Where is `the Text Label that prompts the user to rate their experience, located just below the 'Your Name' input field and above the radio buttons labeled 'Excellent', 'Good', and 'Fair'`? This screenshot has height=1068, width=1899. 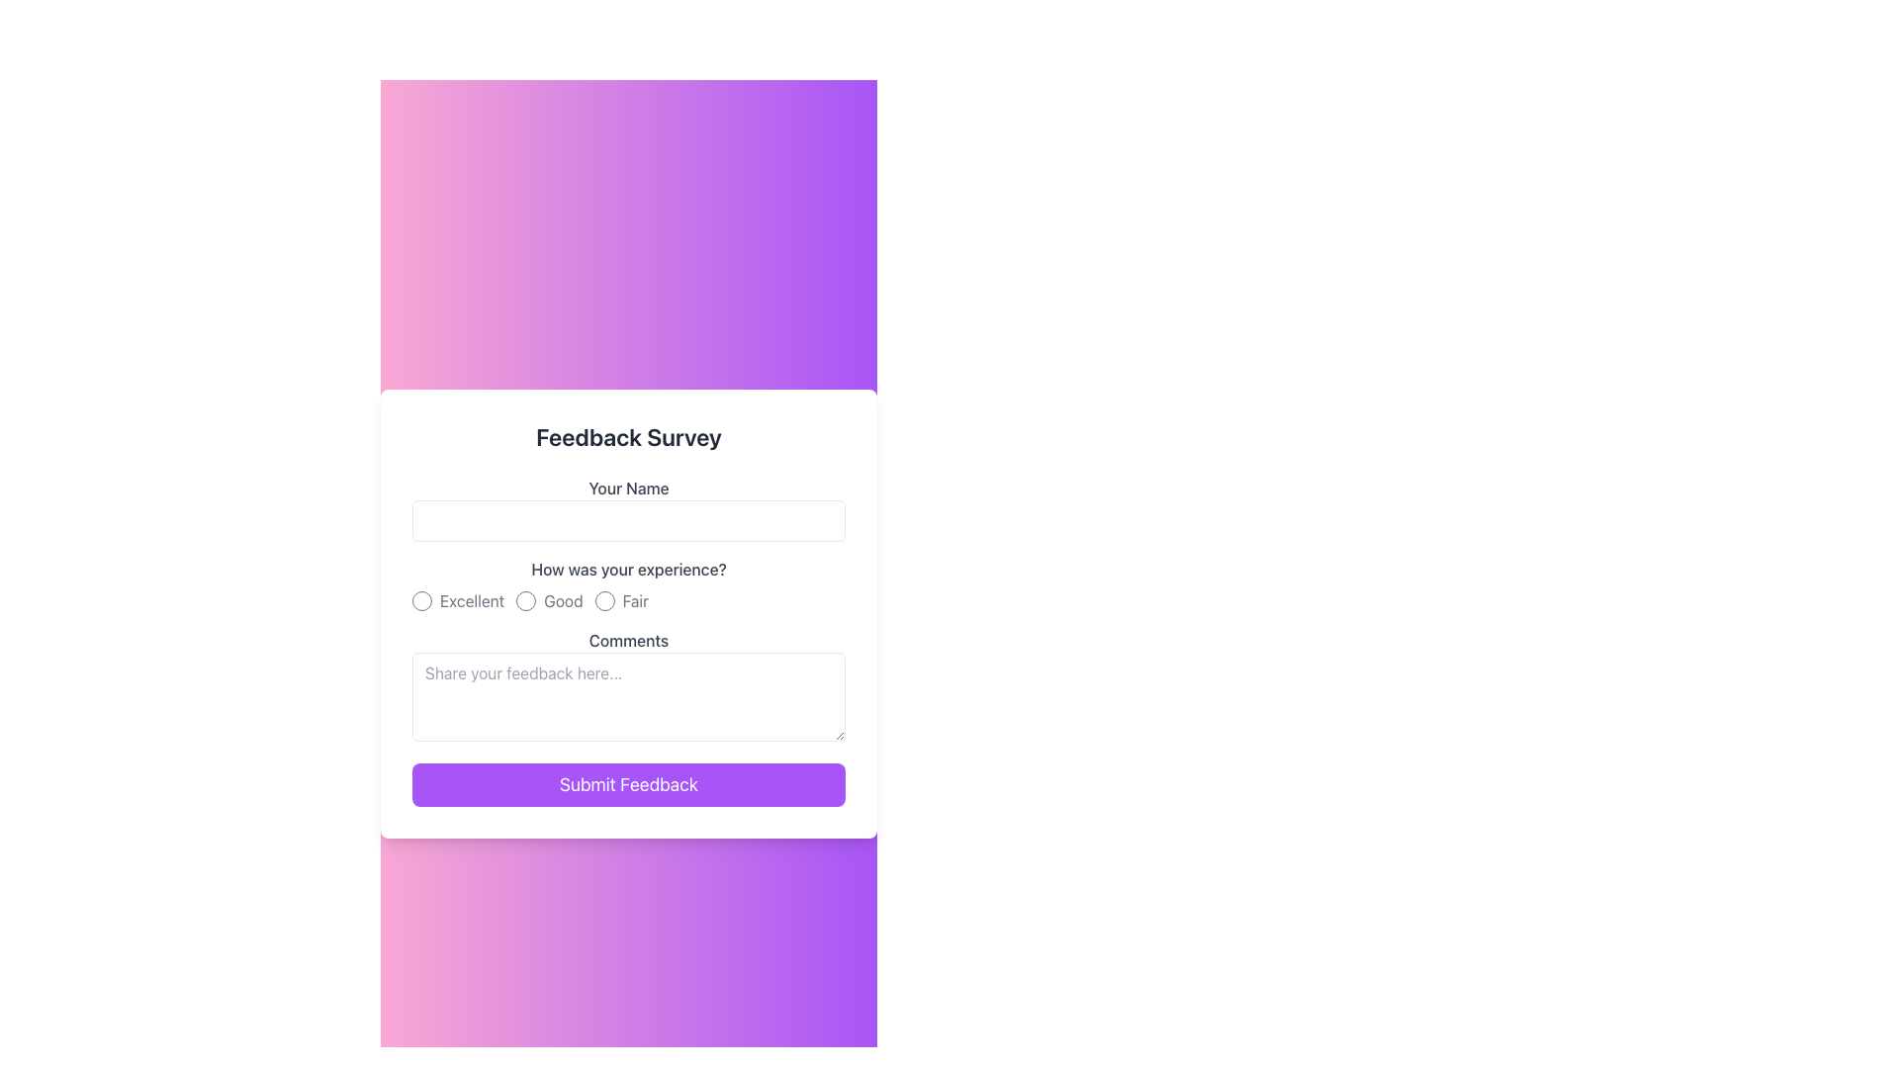 the Text Label that prompts the user to rate their experience, located just below the 'Your Name' input field and above the radio buttons labeled 'Excellent', 'Good', and 'Fair' is located at coordinates (627, 569).